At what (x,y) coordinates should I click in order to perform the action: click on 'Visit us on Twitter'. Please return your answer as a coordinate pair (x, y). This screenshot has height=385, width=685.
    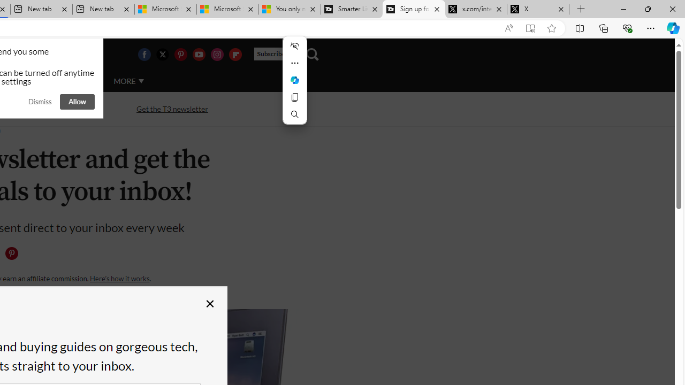
    Looking at the image, I should click on (162, 54).